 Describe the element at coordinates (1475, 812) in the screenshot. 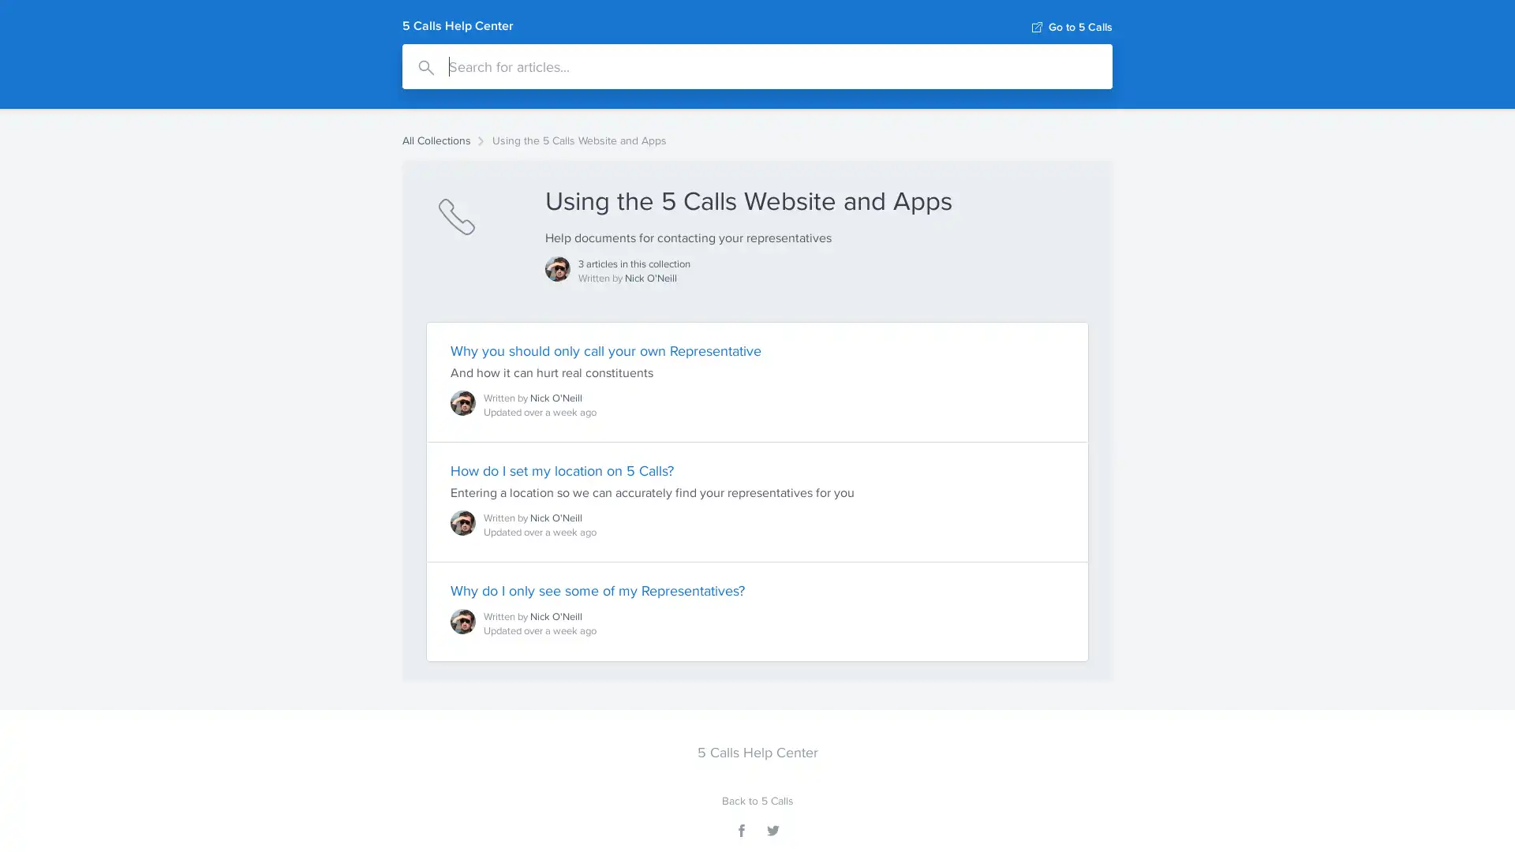

I see `Open Intercom Messenger` at that location.